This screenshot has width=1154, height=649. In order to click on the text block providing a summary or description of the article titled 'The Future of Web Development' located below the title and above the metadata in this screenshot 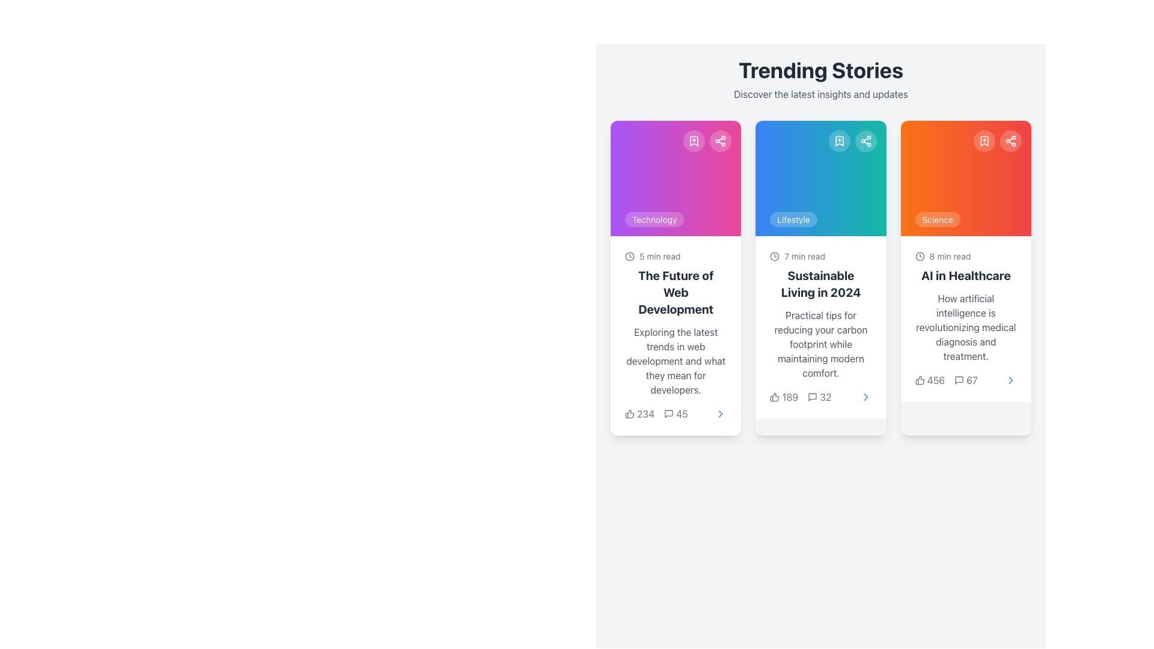, I will do `click(676, 361)`.